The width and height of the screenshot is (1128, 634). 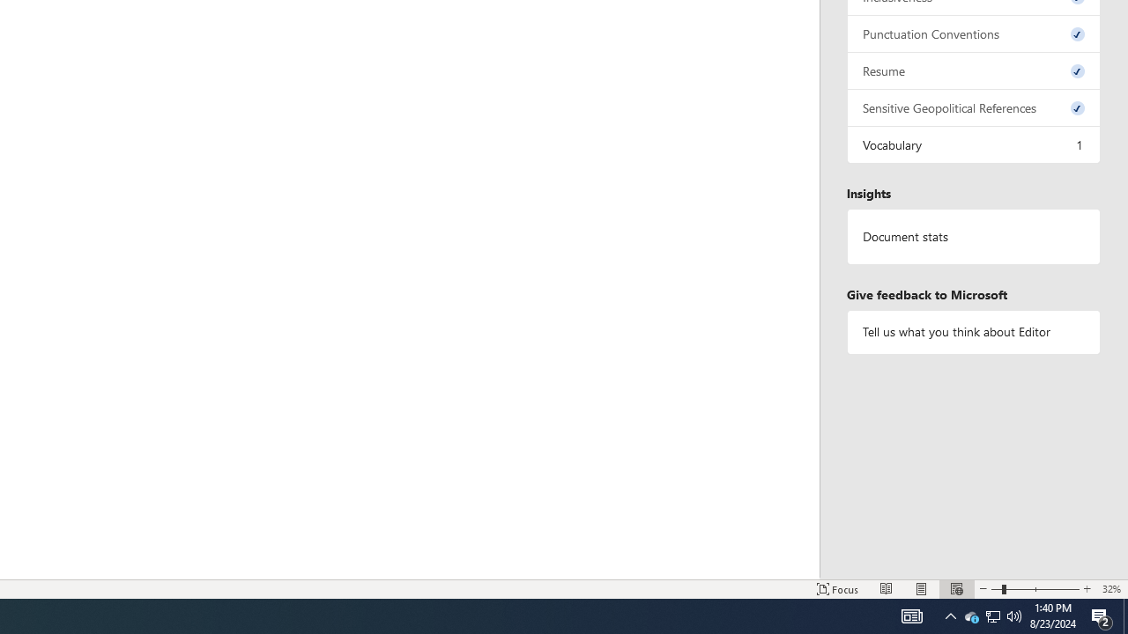 What do you see at coordinates (973, 144) in the screenshot?
I see `'Vocabulary, 1 issue. Press space or enter to review items.'` at bounding box center [973, 144].